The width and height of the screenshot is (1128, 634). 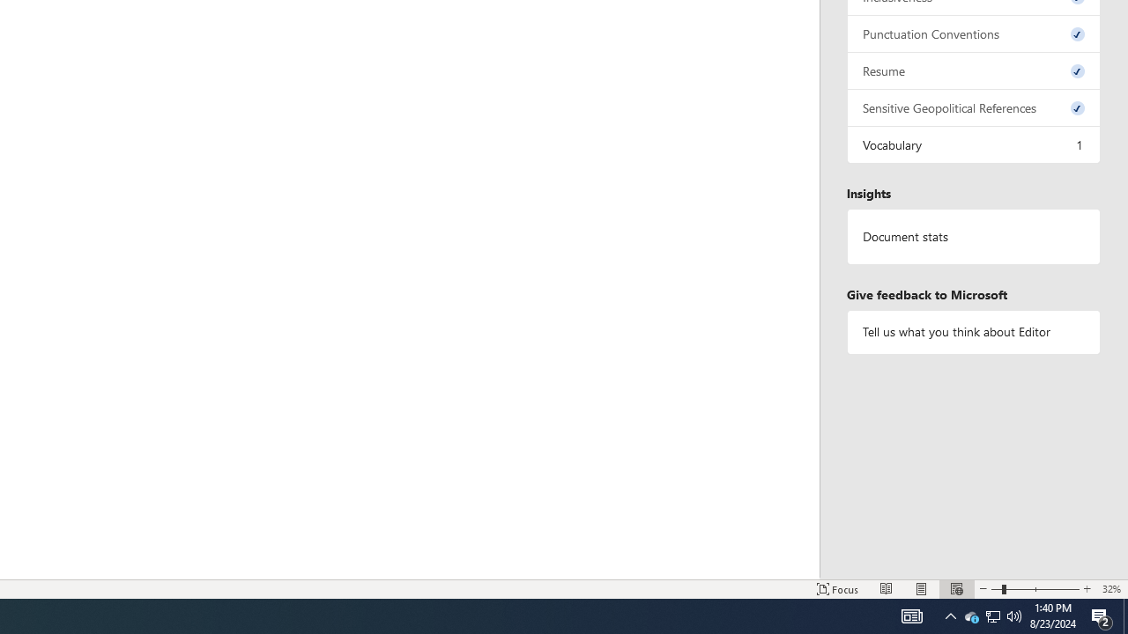 What do you see at coordinates (973, 144) in the screenshot?
I see `'Vocabulary, 1 issue. Press space or enter to review items.'` at bounding box center [973, 144].